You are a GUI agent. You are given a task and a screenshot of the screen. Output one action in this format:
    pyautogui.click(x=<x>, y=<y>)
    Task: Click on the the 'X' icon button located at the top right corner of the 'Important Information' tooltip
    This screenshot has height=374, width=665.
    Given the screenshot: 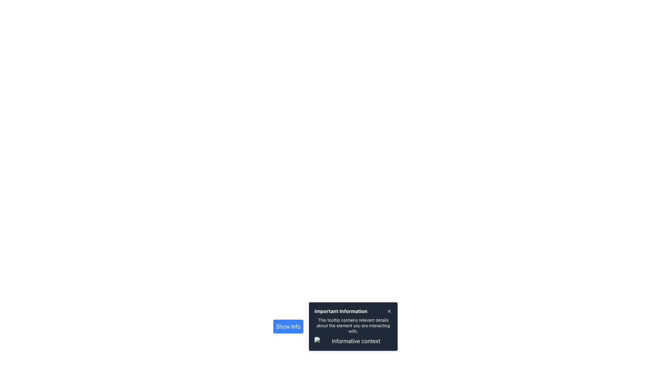 What is the action you would take?
    pyautogui.click(x=389, y=311)
    